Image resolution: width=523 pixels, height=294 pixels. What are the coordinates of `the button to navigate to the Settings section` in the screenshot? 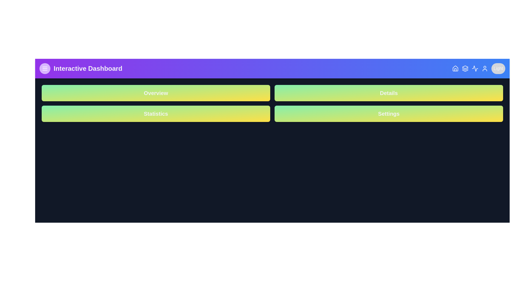 It's located at (388, 113).